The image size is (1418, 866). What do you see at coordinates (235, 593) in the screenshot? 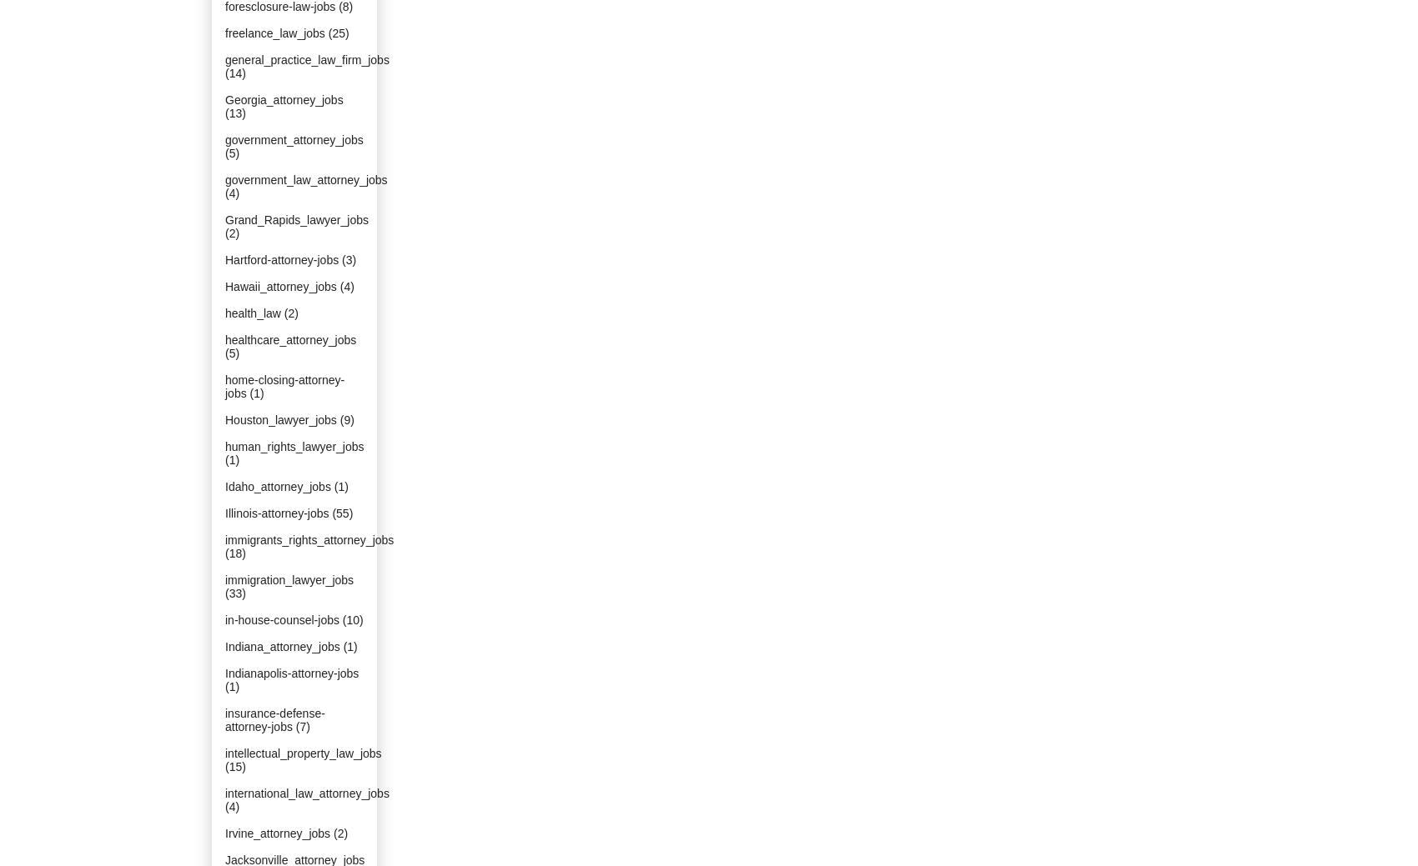
I see `'(33)'` at bounding box center [235, 593].